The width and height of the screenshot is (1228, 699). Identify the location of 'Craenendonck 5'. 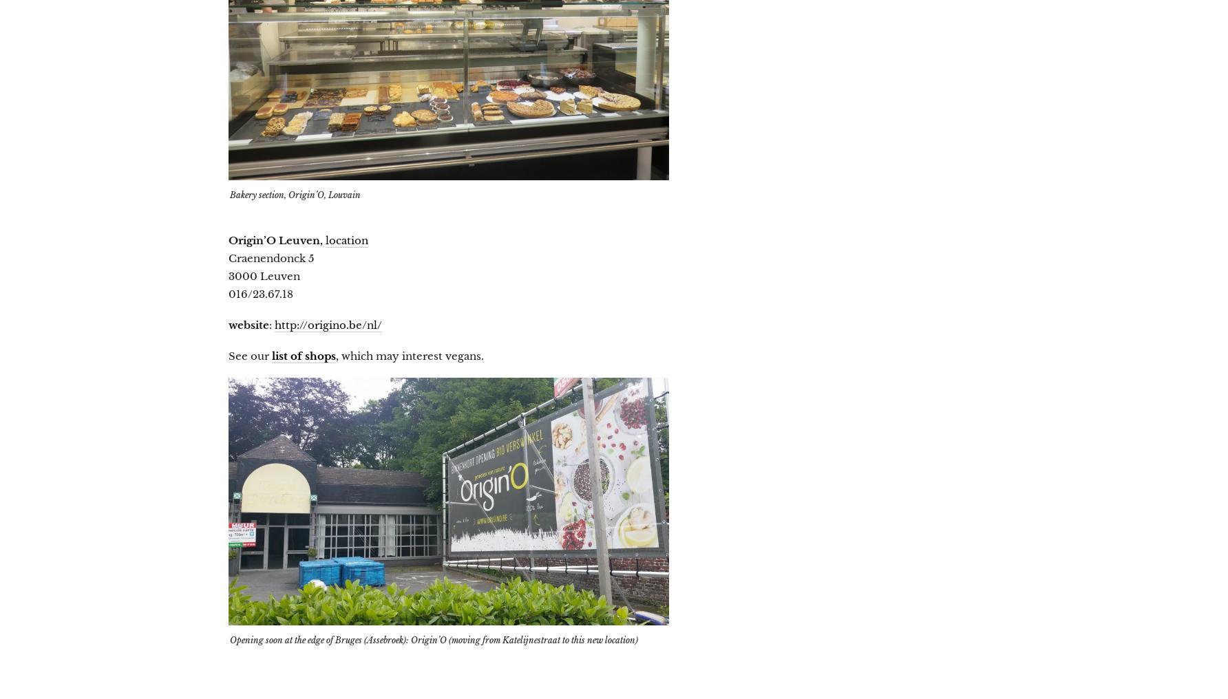
(271, 258).